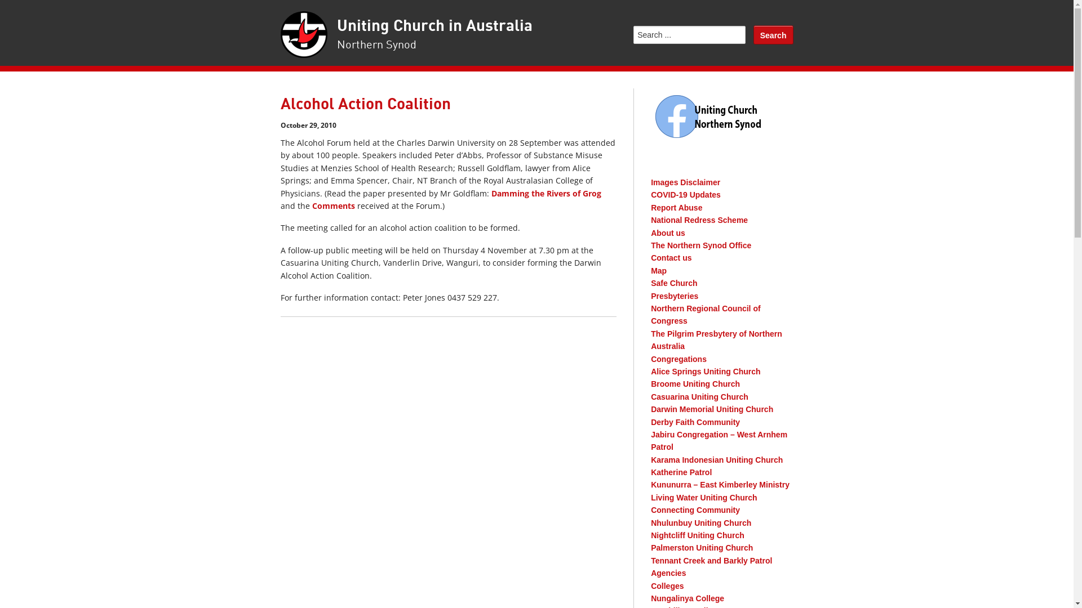  I want to click on 'Northern Regional Council of Congress', so click(651, 315).